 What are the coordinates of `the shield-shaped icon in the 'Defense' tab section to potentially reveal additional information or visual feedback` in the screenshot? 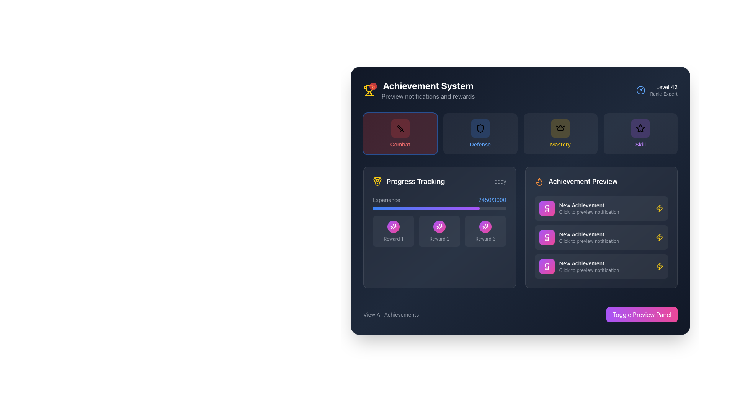 It's located at (480, 128).